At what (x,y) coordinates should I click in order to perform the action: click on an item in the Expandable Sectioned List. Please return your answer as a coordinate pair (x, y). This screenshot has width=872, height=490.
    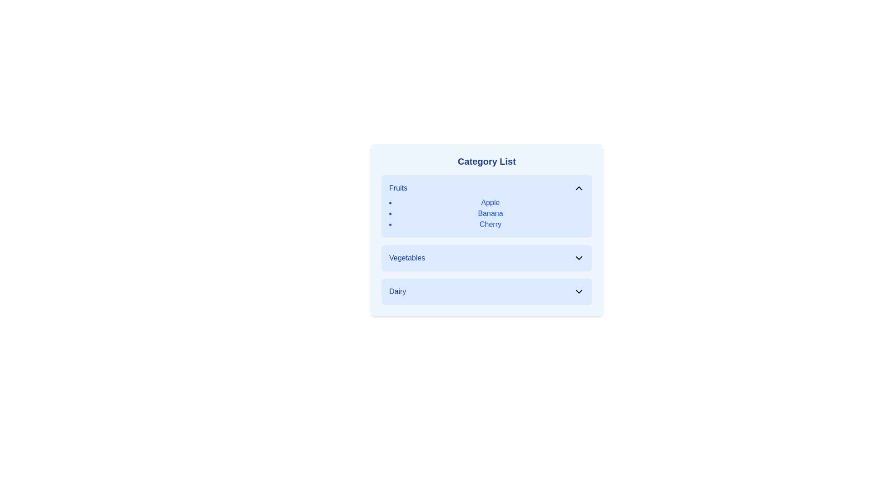
    Looking at the image, I should click on (486, 229).